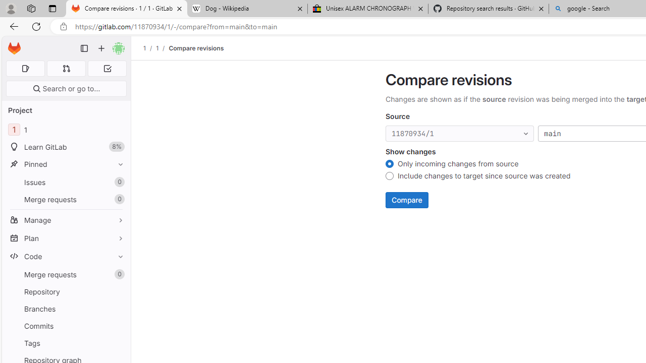 Image resolution: width=646 pixels, height=363 pixels. Describe the element at coordinates (118, 326) in the screenshot. I see `'Pin Commits'` at that location.